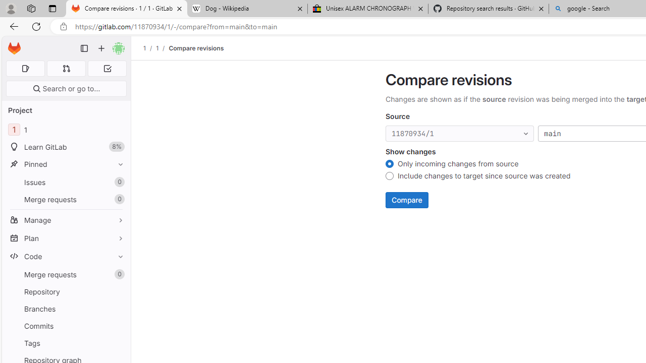 Image resolution: width=646 pixels, height=363 pixels. Describe the element at coordinates (118, 326) in the screenshot. I see `'Pin Commits'` at that location.